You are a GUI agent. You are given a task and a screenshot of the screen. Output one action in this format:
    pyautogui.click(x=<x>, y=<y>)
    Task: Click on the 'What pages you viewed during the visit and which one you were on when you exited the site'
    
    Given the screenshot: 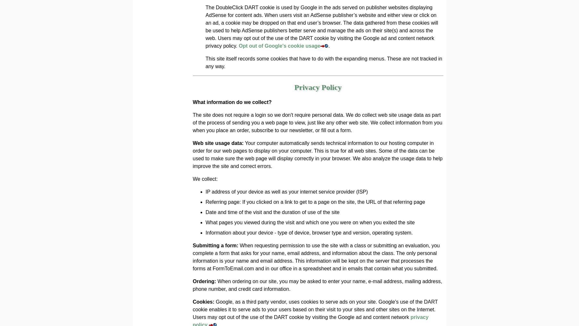 What is the action you would take?
    pyautogui.click(x=310, y=222)
    